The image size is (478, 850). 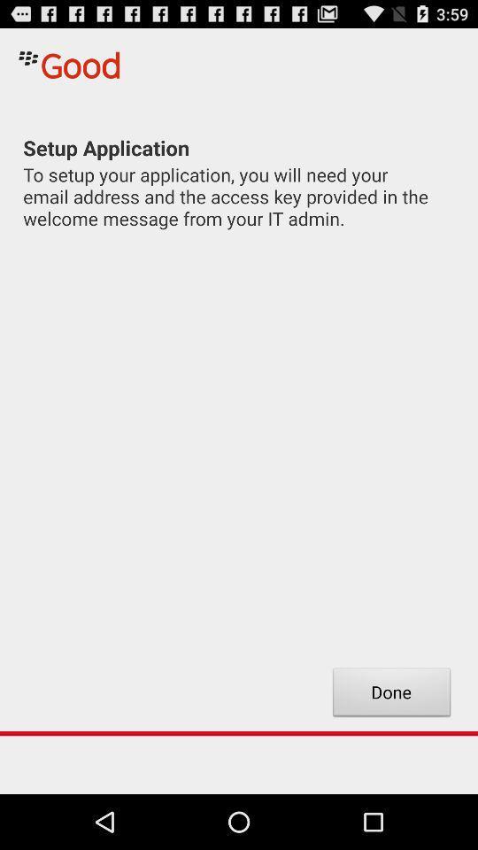 I want to click on the done button, so click(x=391, y=694).